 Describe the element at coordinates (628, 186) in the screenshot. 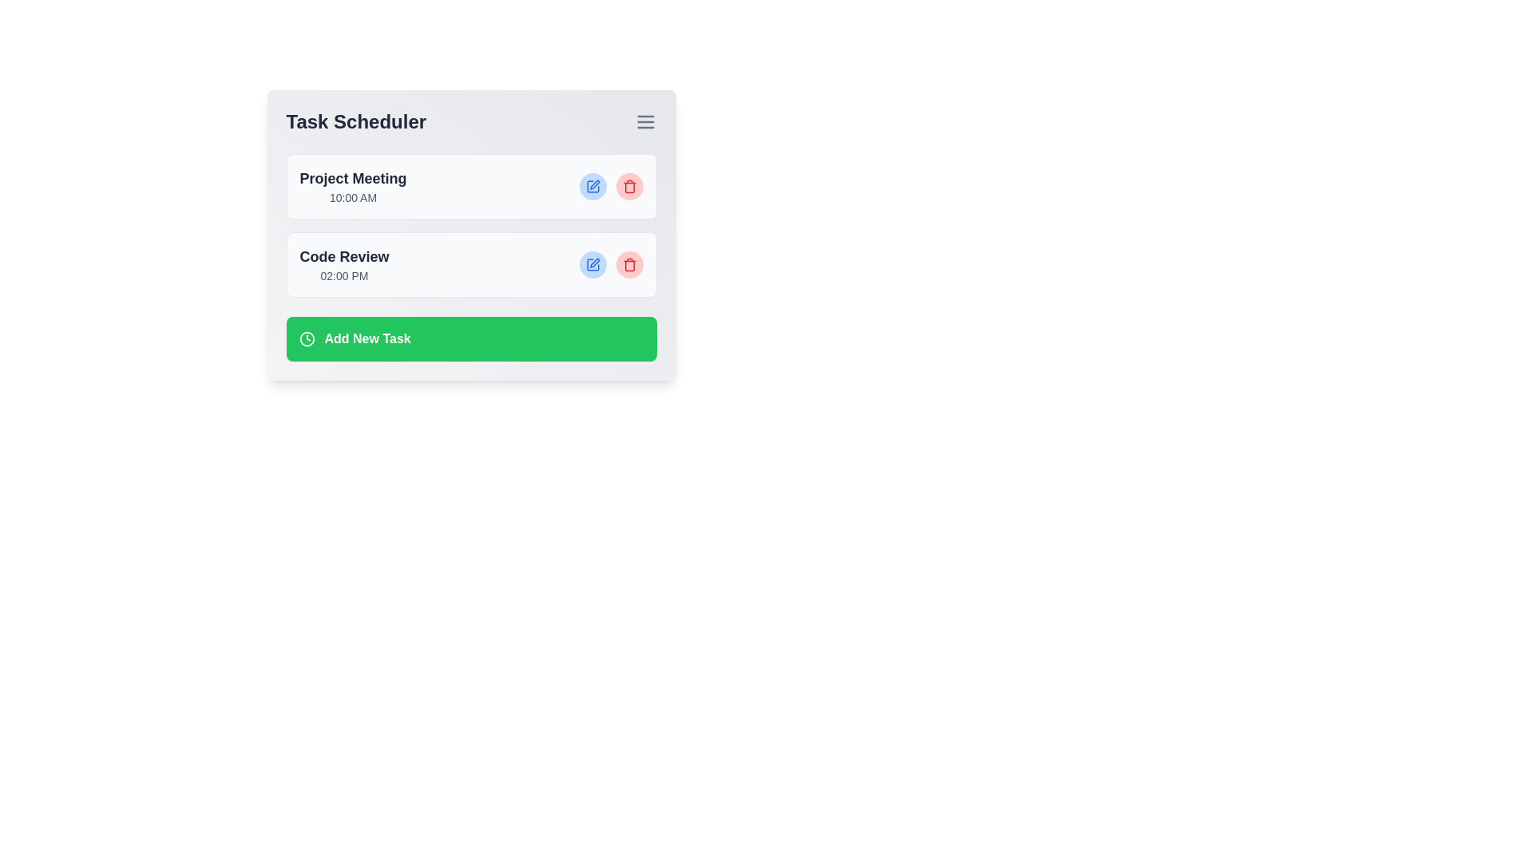

I see `the red trash can icon button located on the right side of the 'Code Review' task entry for accessibility purposes` at that location.